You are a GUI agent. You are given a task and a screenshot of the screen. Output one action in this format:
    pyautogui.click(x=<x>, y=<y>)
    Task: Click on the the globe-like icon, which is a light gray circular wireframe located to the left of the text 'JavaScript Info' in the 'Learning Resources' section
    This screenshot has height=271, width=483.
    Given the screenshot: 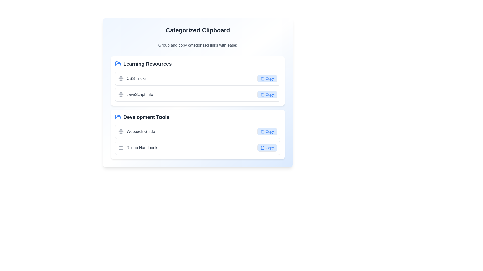 What is the action you would take?
    pyautogui.click(x=121, y=95)
    